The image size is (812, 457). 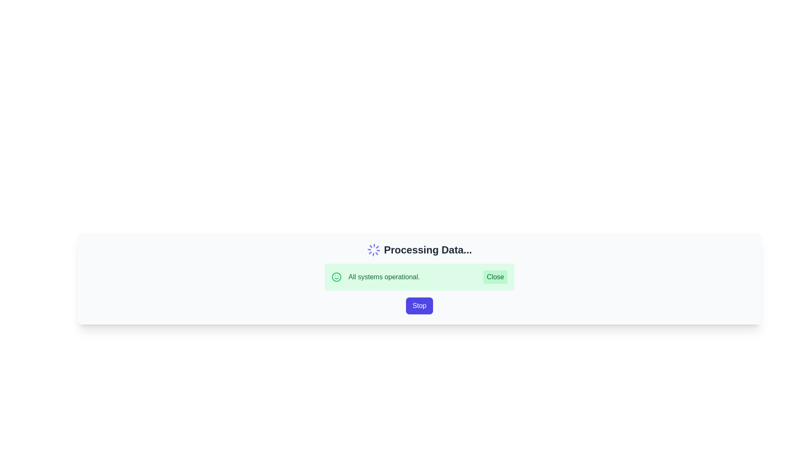 What do you see at coordinates (373, 249) in the screenshot?
I see `the spinner loading indicator located to the left of the text 'Processing Data...' to indicate an ongoing process` at bounding box center [373, 249].